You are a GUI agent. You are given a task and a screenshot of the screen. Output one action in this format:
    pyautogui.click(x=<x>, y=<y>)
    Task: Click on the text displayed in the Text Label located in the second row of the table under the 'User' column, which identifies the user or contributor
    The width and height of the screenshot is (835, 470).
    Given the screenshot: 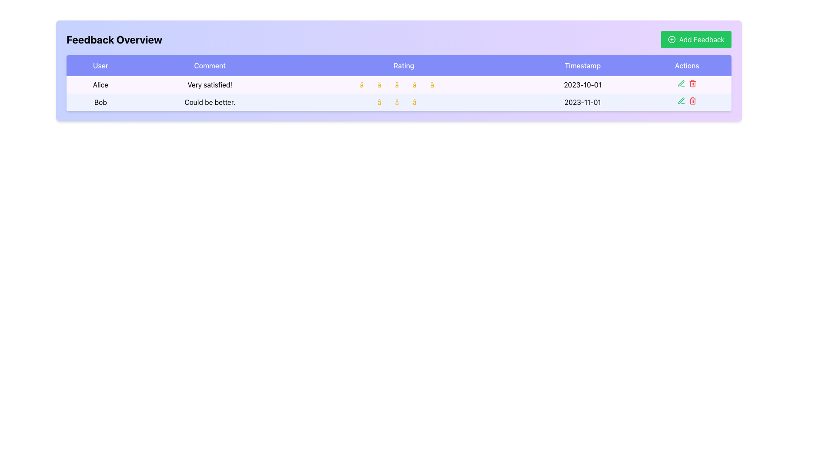 What is the action you would take?
    pyautogui.click(x=100, y=102)
    